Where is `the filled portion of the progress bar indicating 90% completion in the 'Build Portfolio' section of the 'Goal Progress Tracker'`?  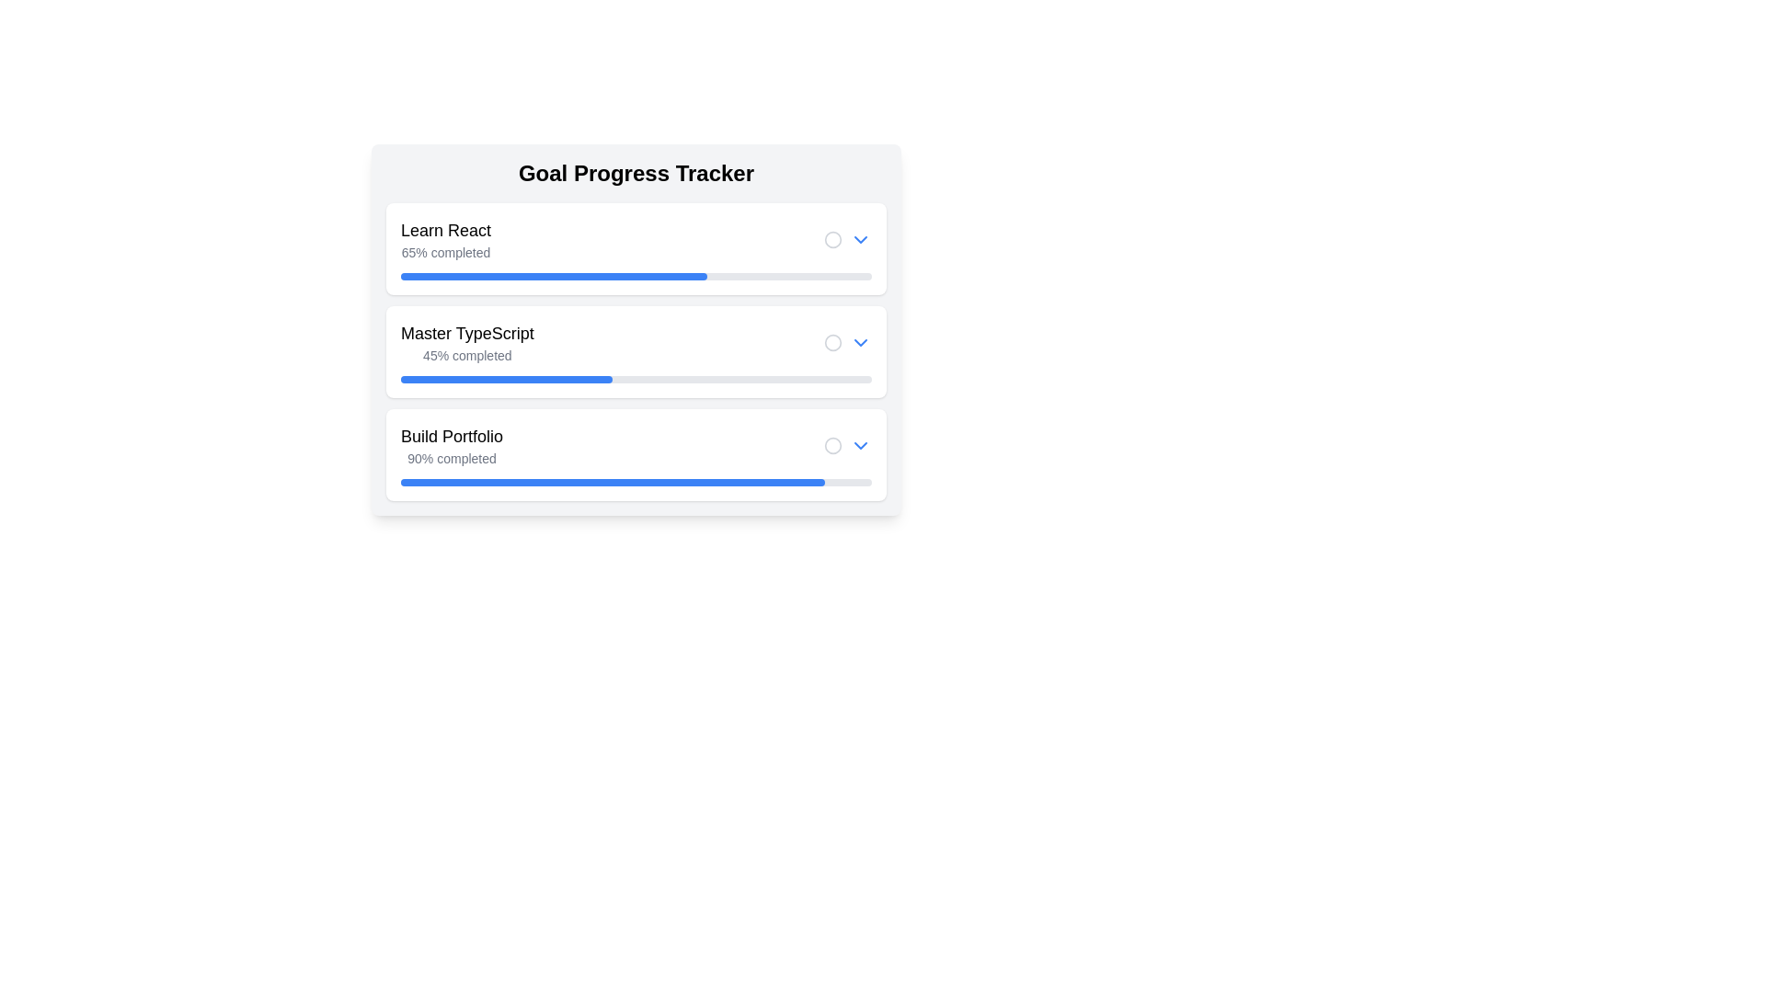 the filled portion of the progress bar indicating 90% completion in the 'Build Portfolio' section of the 'Goal Progress Tracker' is located at coordinates (613, 481).